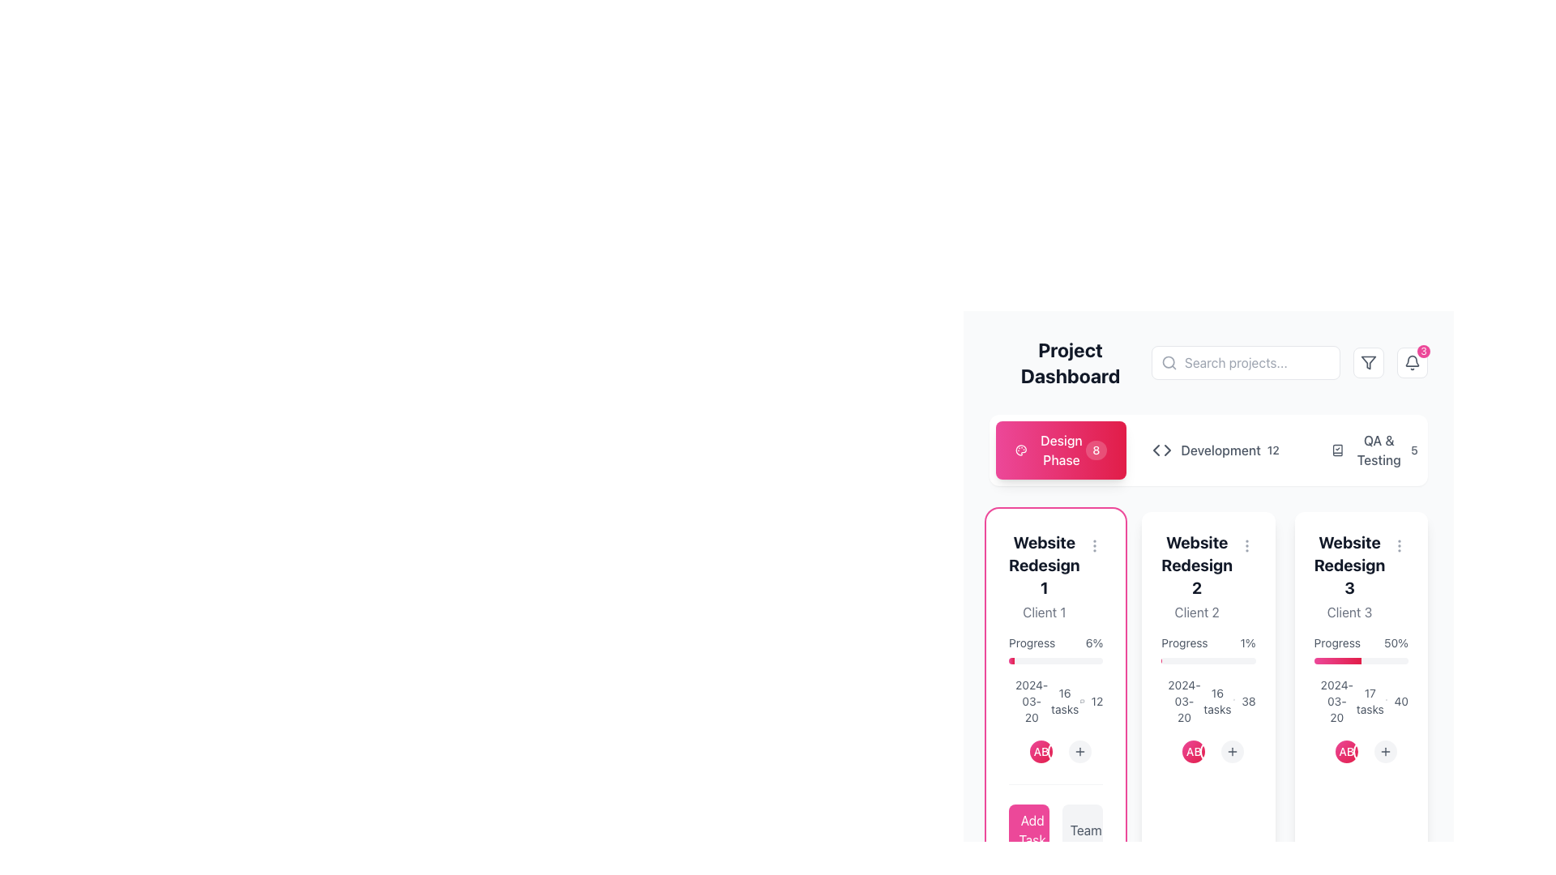 This screenshot has height=875, width=1556. Describe the element at coordinates (1080, 752) in the screenshot. I see `the action button located at the bottom section of the 'Website Redesign 1' card` at that location.